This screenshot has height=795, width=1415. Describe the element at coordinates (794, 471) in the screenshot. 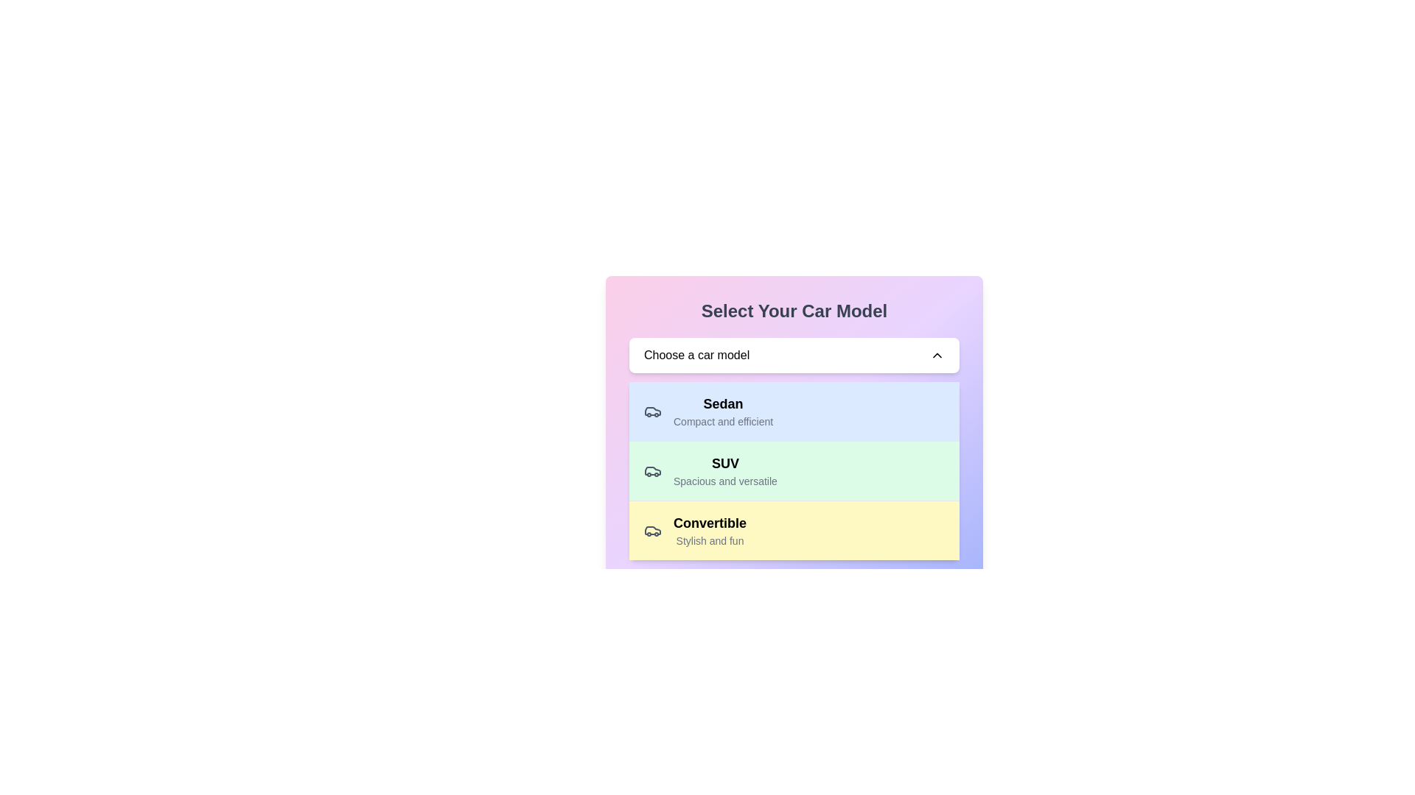

I see `the 'SUV' option in the dropdown menu, which is the second option beneath the 'Choose a car model' selector button` at that location.